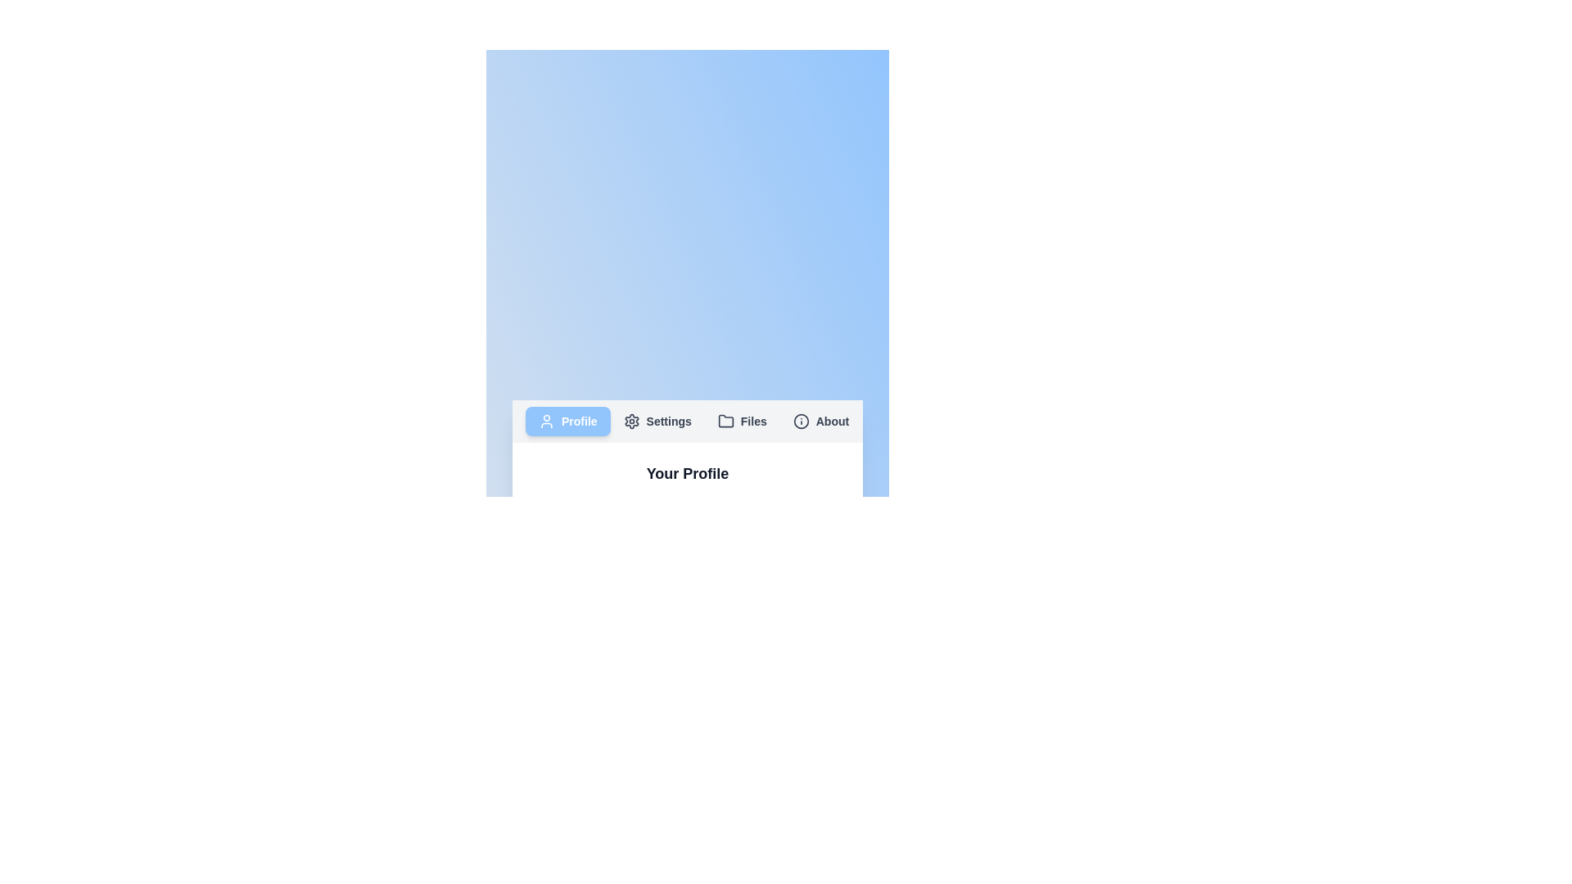  Describe the element at coordinates (669, 421) in the screenshot. I see `the 'Settings' text label located in the navigation bar, which is styled in a grayish color and positioned to the right of a gear icon` at that location.